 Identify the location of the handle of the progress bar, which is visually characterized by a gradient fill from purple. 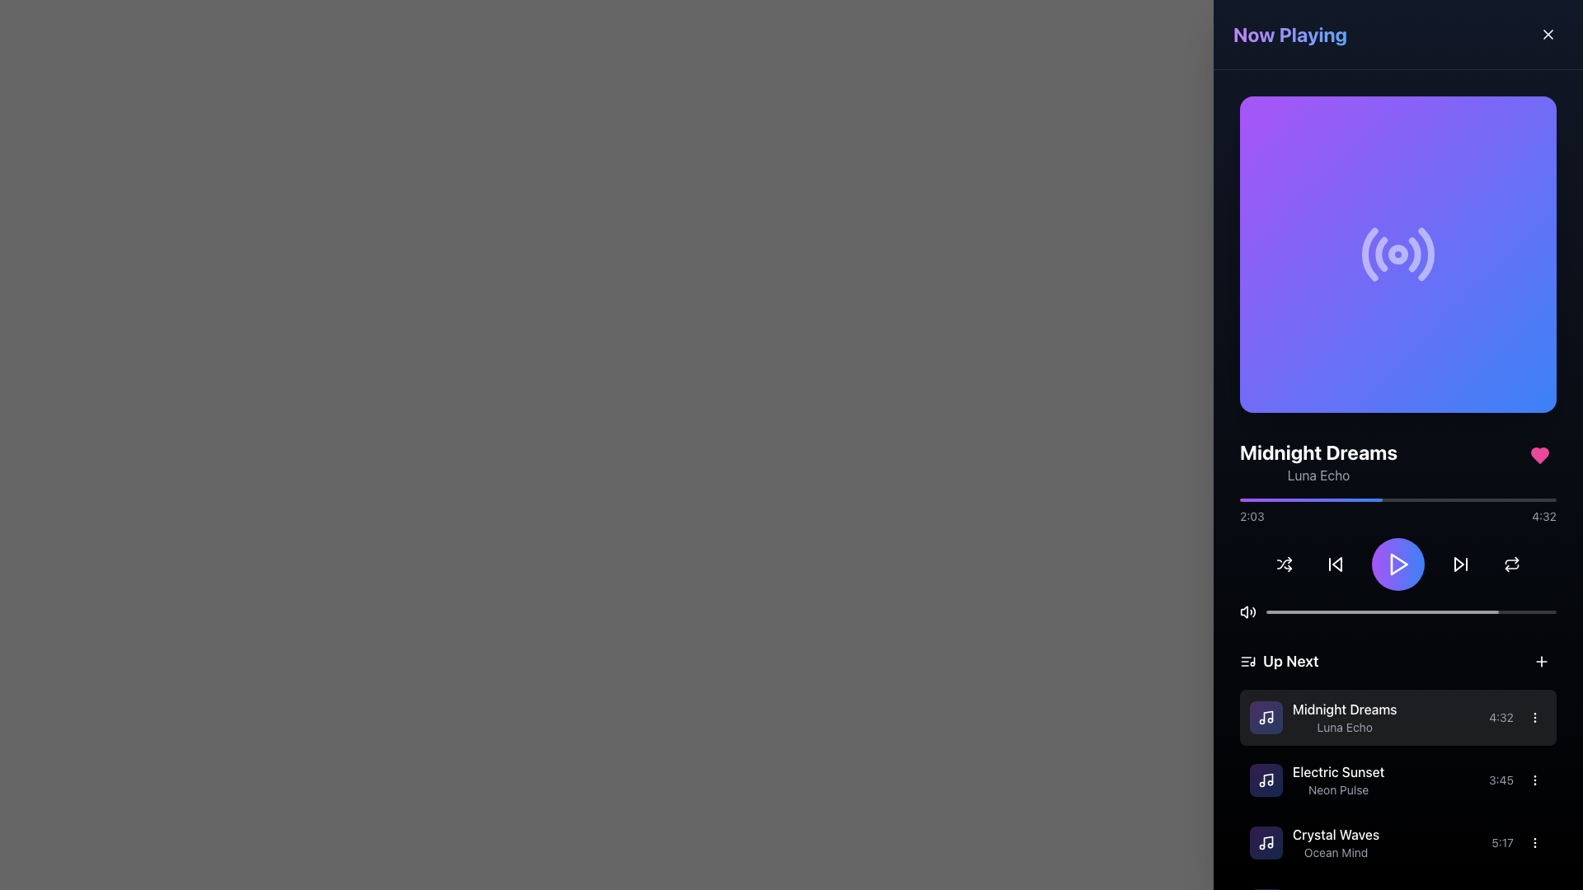
(1397, 511).